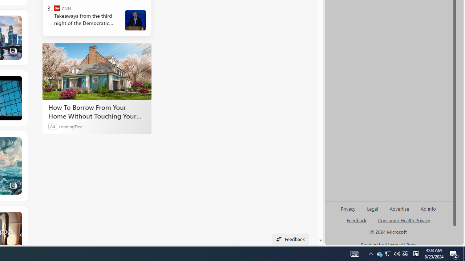 The width and height of the screenshot is (465, 261). I want to click on 'CNN', so click(56, 8).